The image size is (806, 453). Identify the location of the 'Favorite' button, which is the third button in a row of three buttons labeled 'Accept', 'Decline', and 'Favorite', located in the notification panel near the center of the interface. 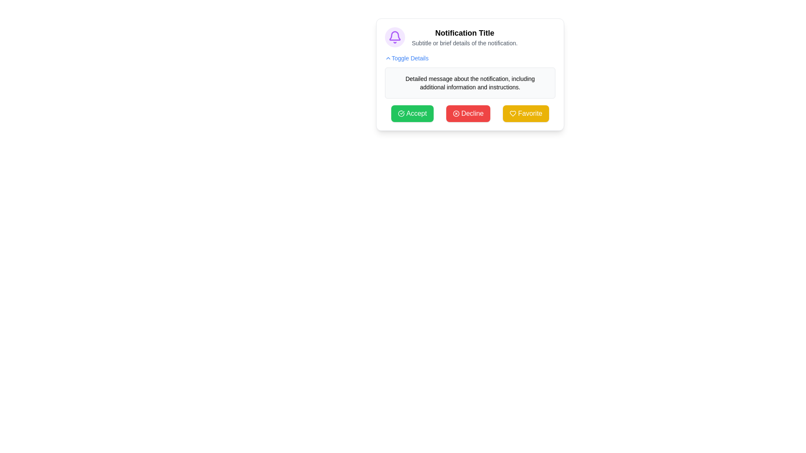
(526, 113).